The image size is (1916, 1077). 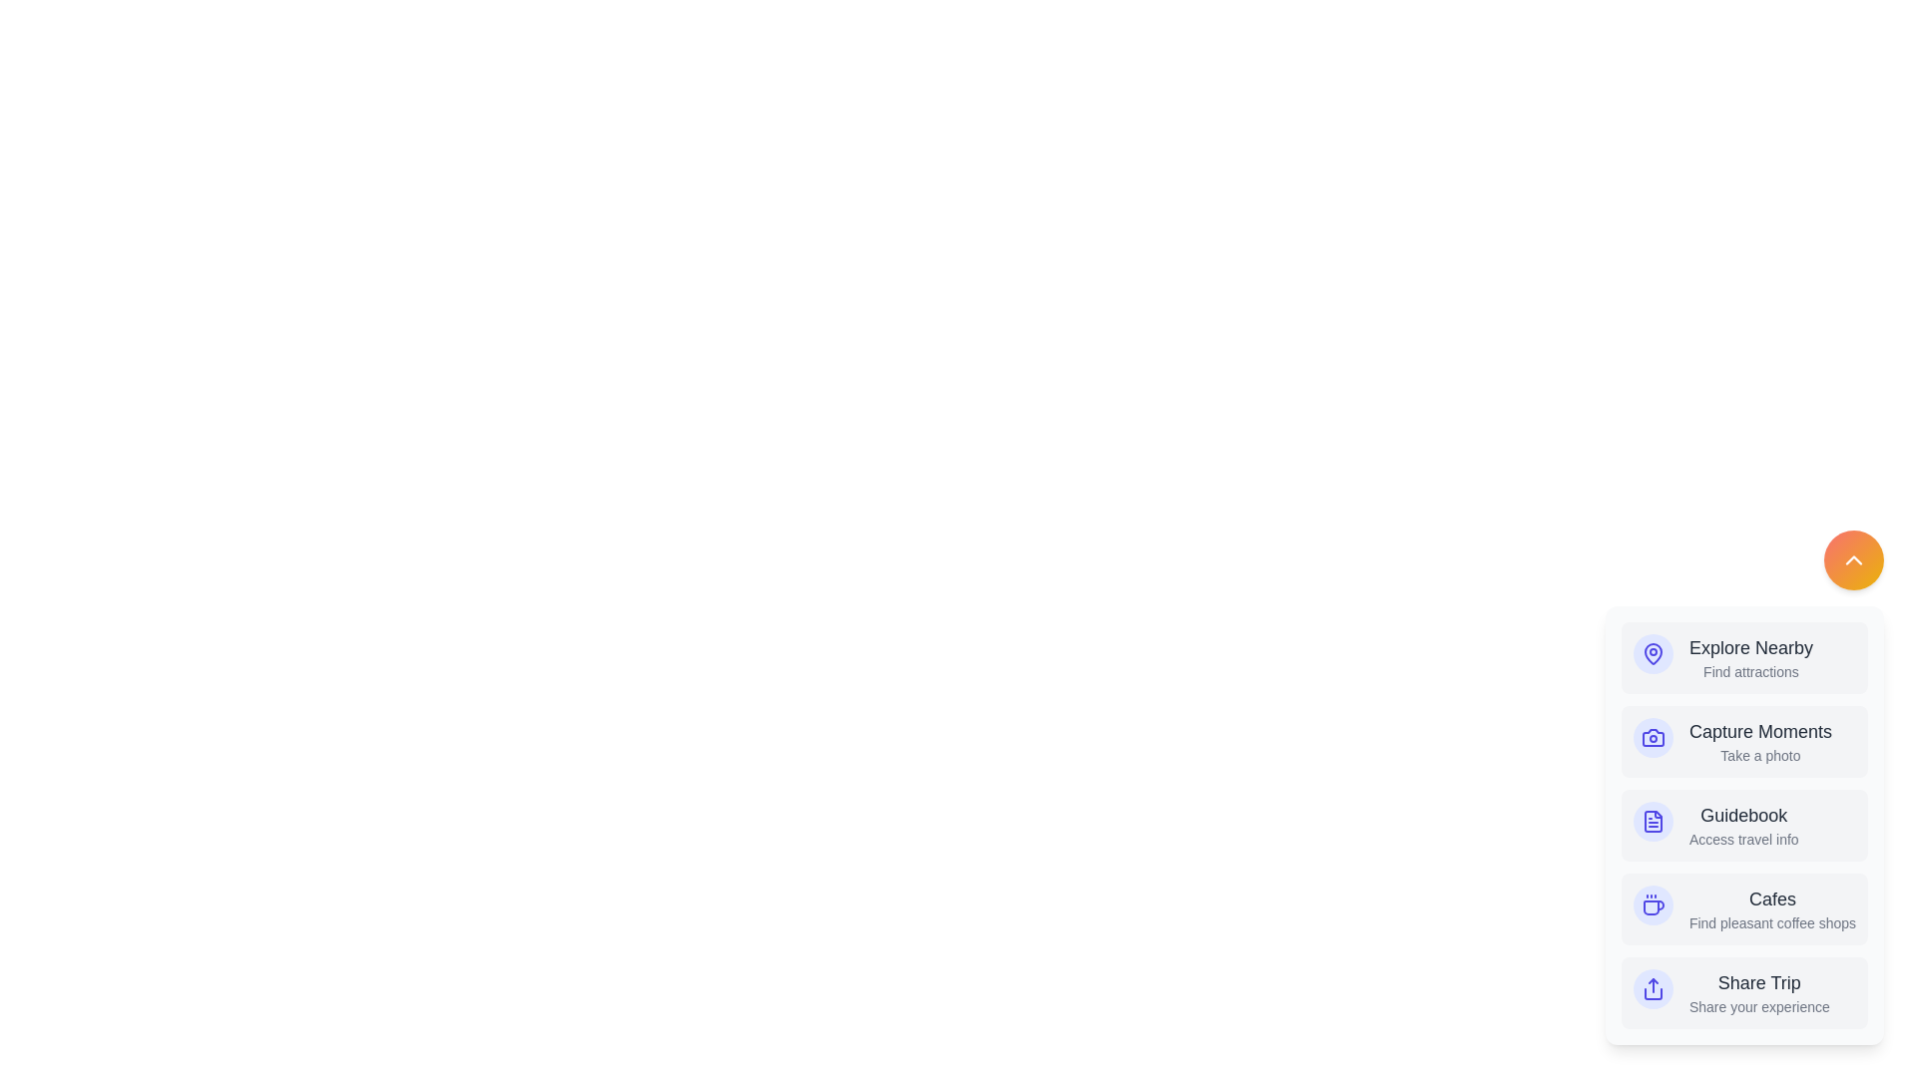 What do you see at coordinates (1742, 908) in the screenshot?
I see `the menu item Cafes to perform the associated action` at bounding box center [1742, 908].